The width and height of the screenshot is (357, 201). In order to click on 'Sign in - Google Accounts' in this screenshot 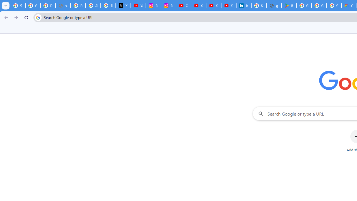, I will do `click(93, 6)`.